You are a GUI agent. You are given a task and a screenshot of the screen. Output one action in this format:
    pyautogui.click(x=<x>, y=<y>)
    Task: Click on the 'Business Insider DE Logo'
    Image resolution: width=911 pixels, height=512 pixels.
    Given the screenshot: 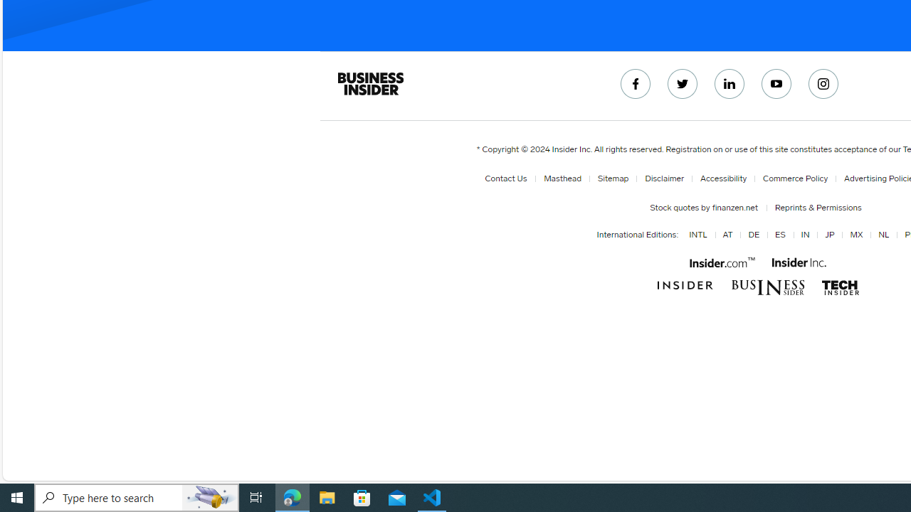 What is the action you would take?
    pyautogui.click(x=767, y=287)
    